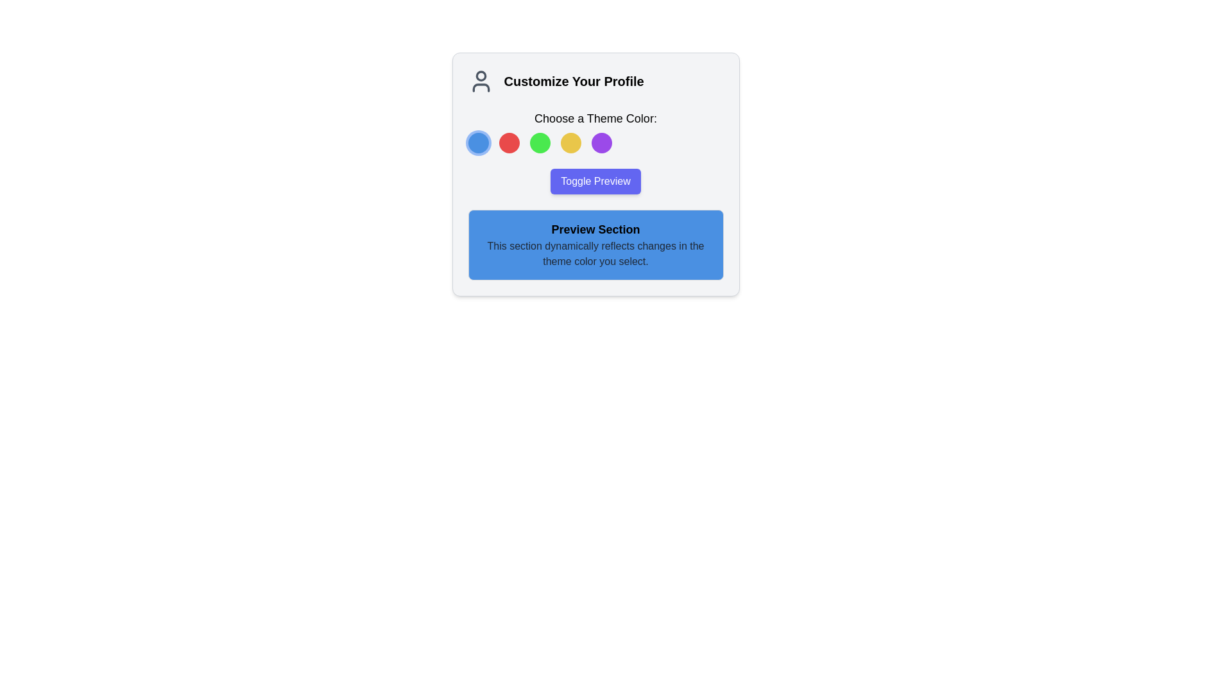 The width and height of the screenshot is (1232, 693). What do you see at coordinates (480, 87) in the screenshot?
I see `the lower segment of the user icon in the profile customization interface, located near the top-left corner above the text 'Customize Your Profile'` at bounding box center [480, 87].